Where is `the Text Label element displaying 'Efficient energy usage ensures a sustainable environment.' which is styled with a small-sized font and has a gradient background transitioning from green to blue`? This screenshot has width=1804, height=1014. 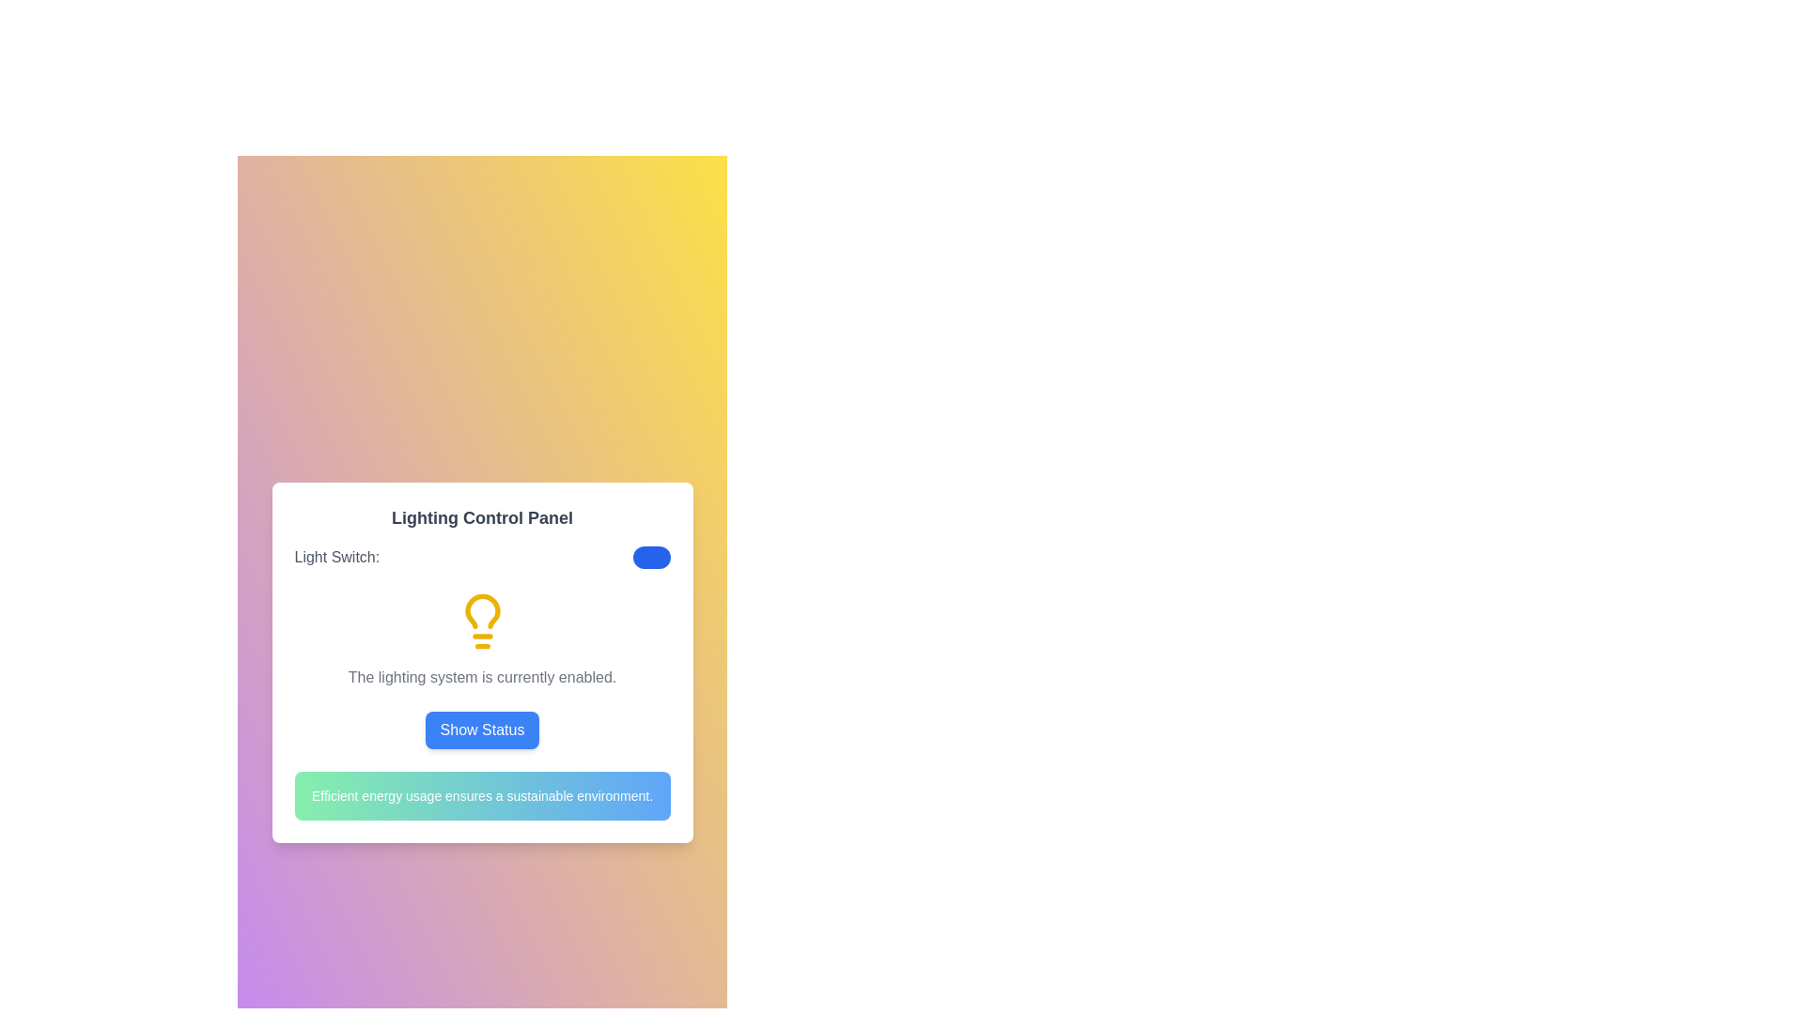 the Text Label element displaying 'Efficient energy usage ensures a sustainable environment.' which is styled with a small-sized font and has a gradient background transitioning from green to blue is located at coordinates (482, 796).